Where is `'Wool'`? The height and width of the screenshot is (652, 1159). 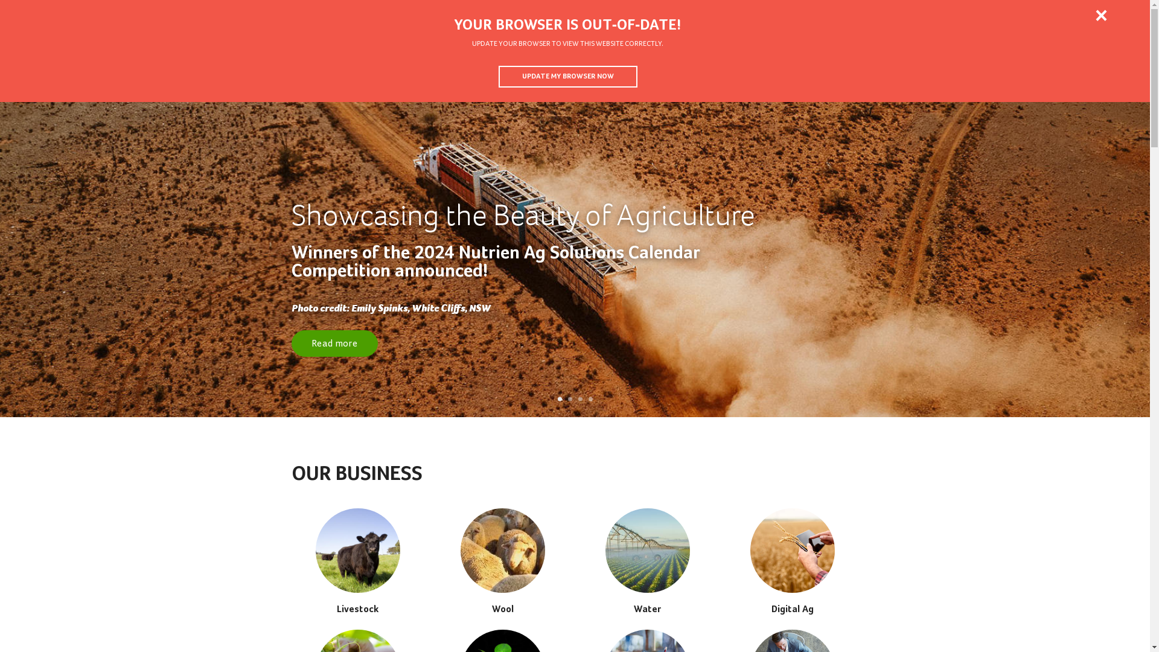 'Wool' is located at coordinates (502, 561).